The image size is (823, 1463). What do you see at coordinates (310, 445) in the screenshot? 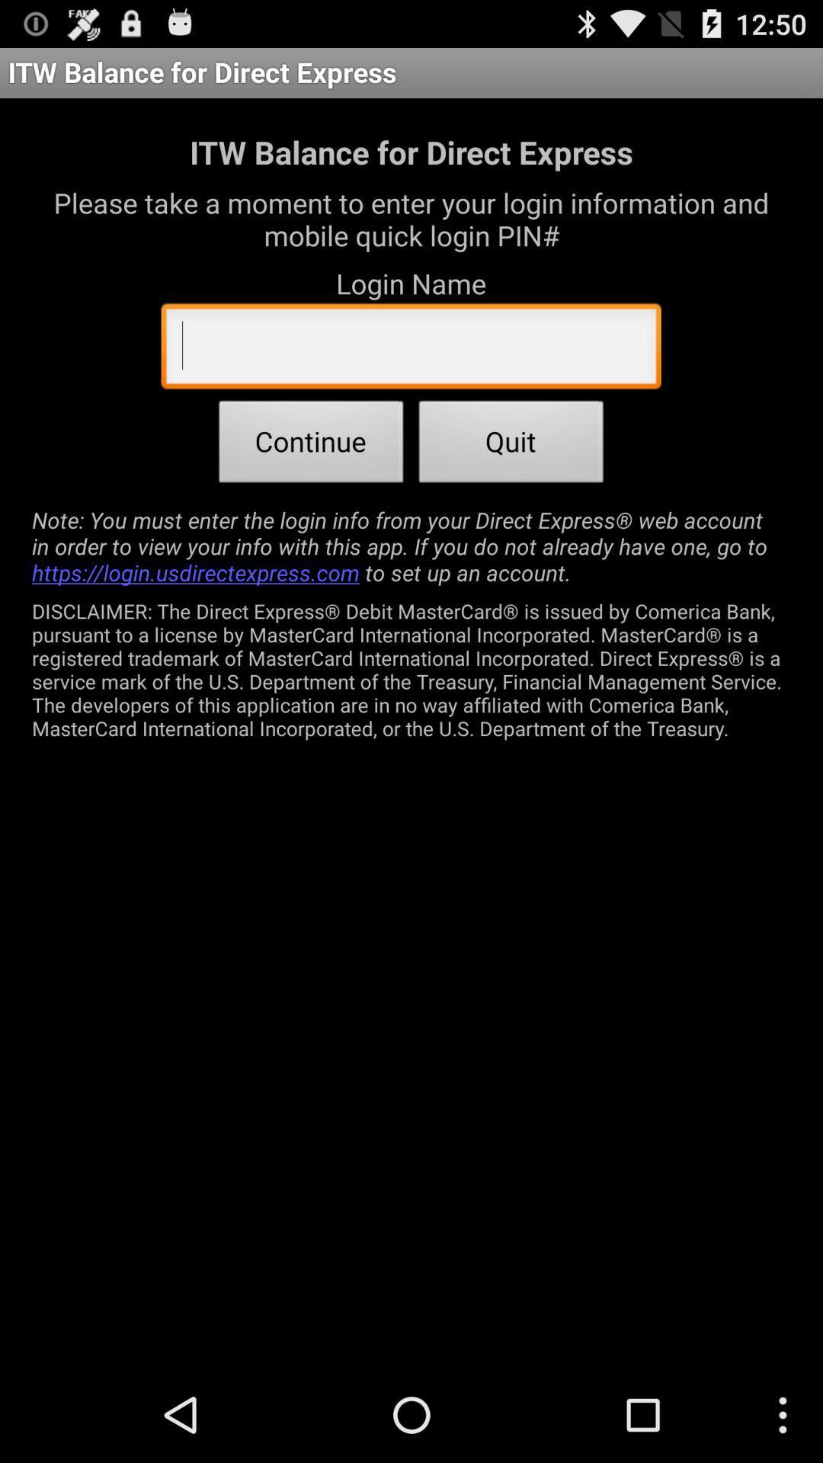
I see `the app above the note you must` at bounding box center [310, 445].